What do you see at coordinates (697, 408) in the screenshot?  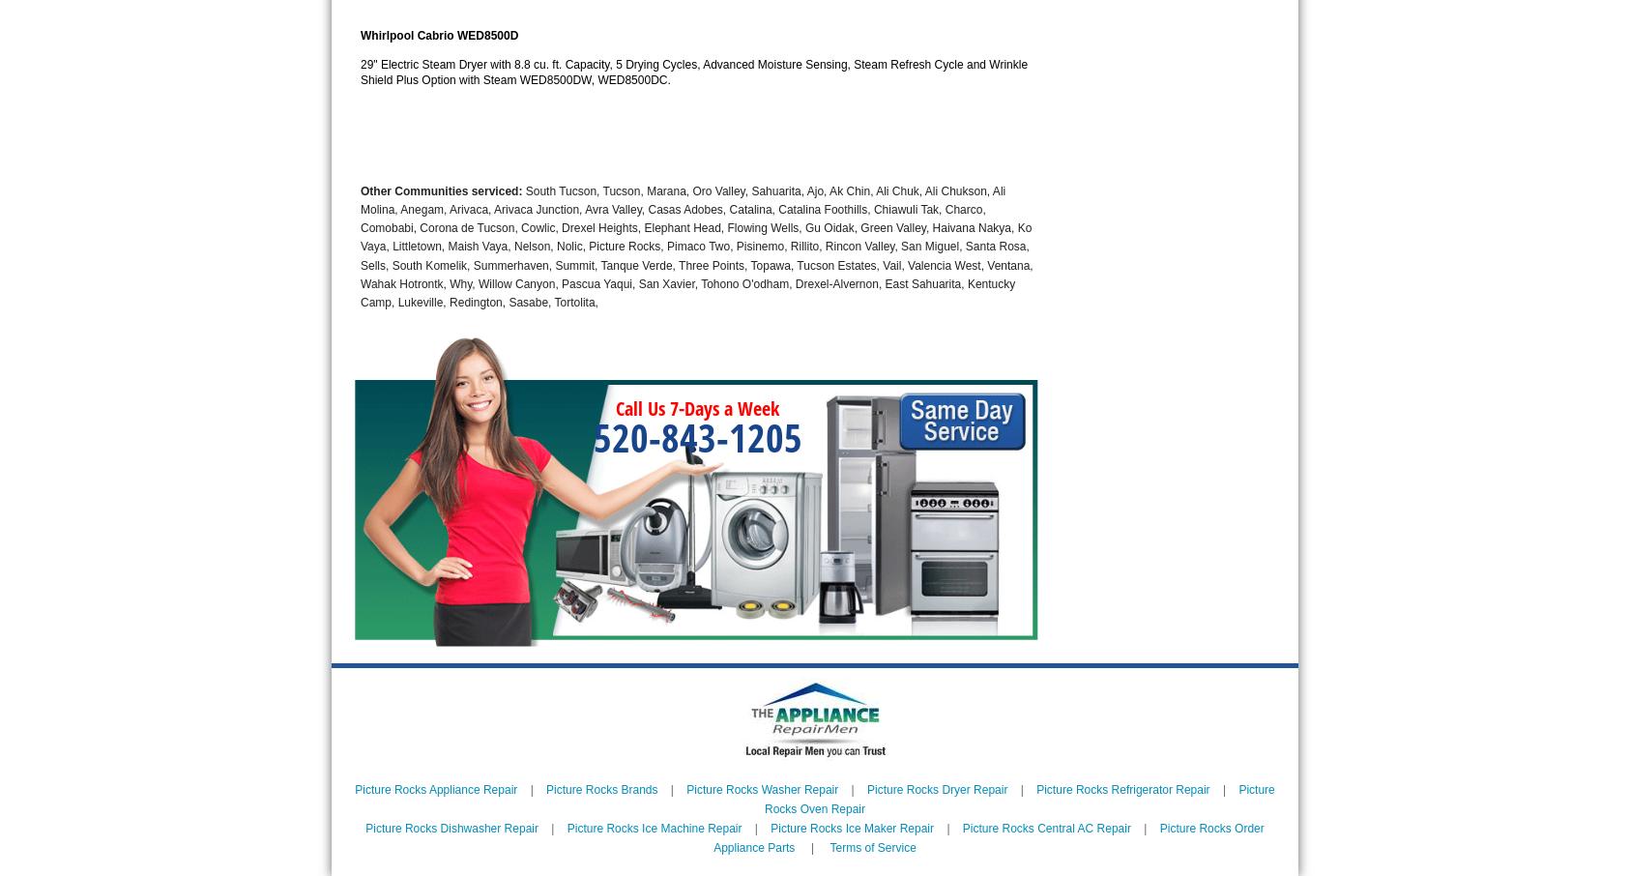 I see `'Call Us 7-Days a Week'` at bounding box center [697, 408].